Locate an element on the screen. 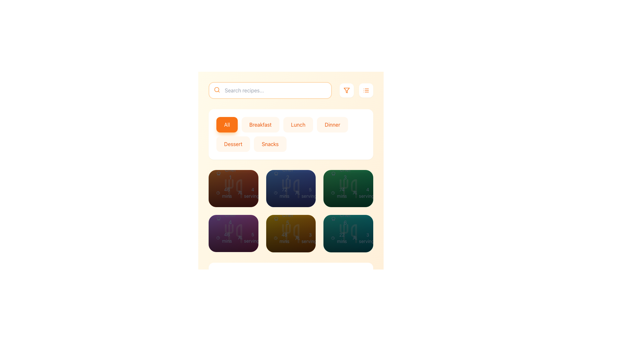 Image resolution: width=621 pixels, height=349 pixels. the informational display component showing 'Recipe 3' and 'Chef 3' with a dark green background is located at coordinates (341, 164).